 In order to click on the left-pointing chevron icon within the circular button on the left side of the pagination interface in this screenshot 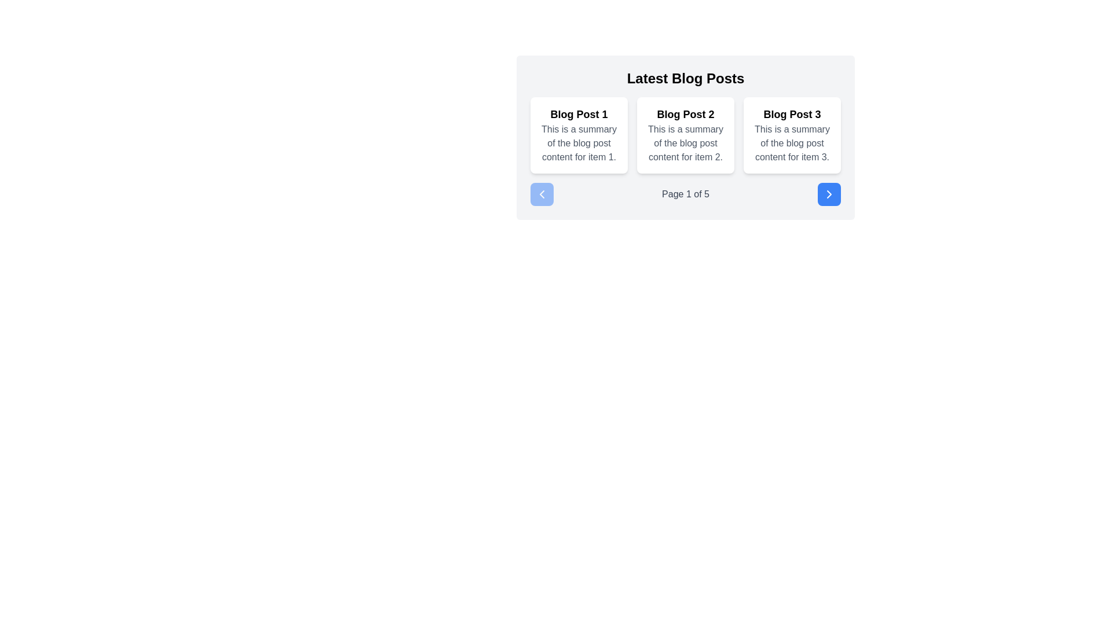, I will do `click(542, 193)`.